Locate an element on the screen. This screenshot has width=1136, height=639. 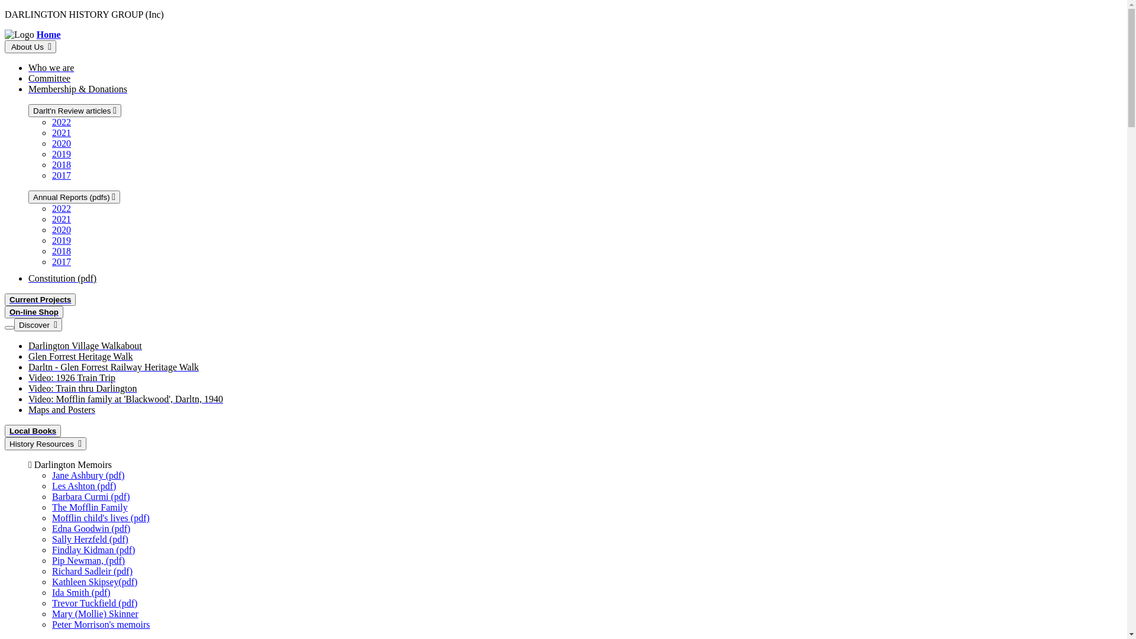
'Les Ashton (pdf)' is located at coordinates (83, 486).